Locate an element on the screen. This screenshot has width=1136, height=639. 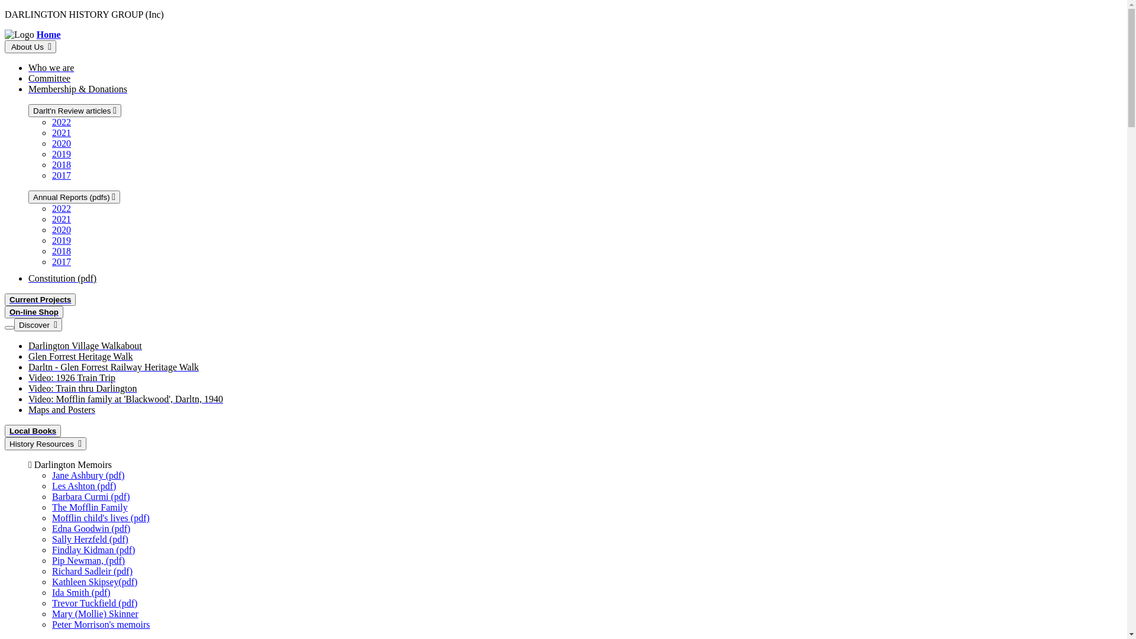
'Les Ashton (pdf)' is located at coordinates (83, 486).